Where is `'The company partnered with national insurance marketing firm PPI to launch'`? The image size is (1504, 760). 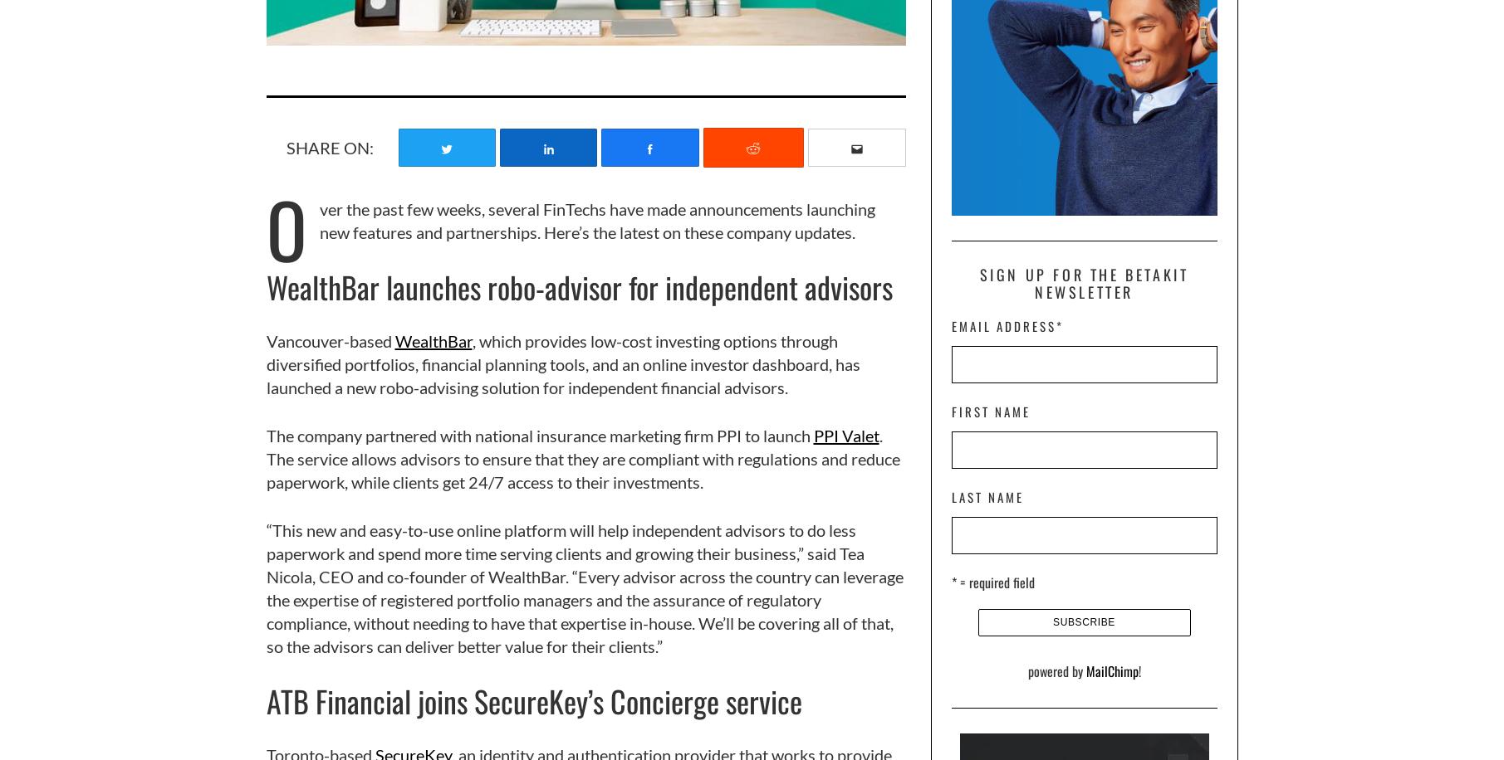
'The company partnered with national insurance marketing firm PPI to launch' is located at coordinates (539, 434).